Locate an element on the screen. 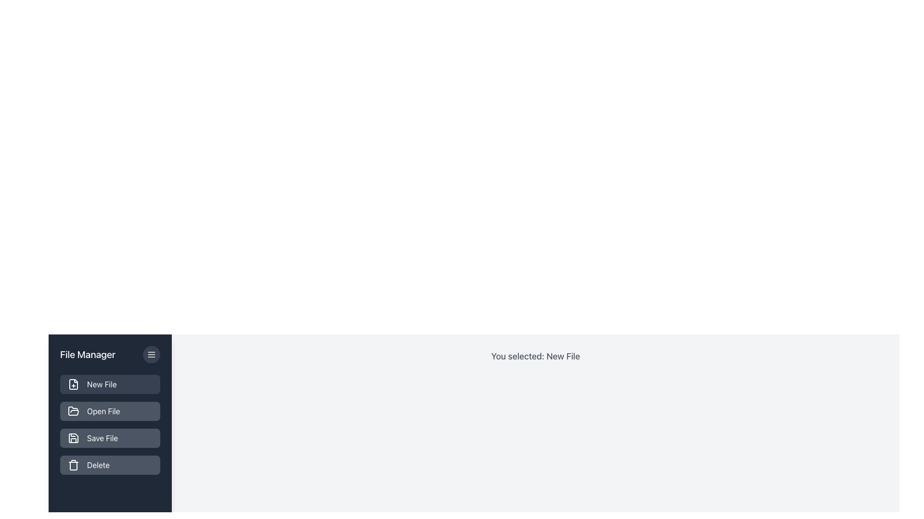 Image resolution: width=924 pixels, height=519 pixels. the 'Save File' button with a dark gray background in the 'File Manager' sidebar to observe the style change is located at coordinates (110, 438).